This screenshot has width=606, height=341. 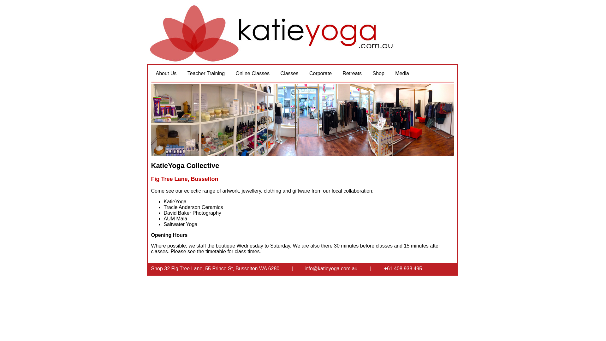 What do you see at coordinates (320, 73) in the screenshot?
I see `'Corporate'` at bounding box center [320, 73].